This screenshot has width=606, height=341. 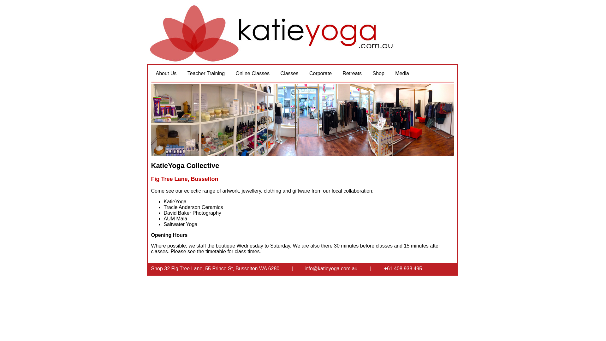 What do you see at coordinates (320, 73) in the screenshot?
I see `'Corporate'` at bounding box center [320, 73].